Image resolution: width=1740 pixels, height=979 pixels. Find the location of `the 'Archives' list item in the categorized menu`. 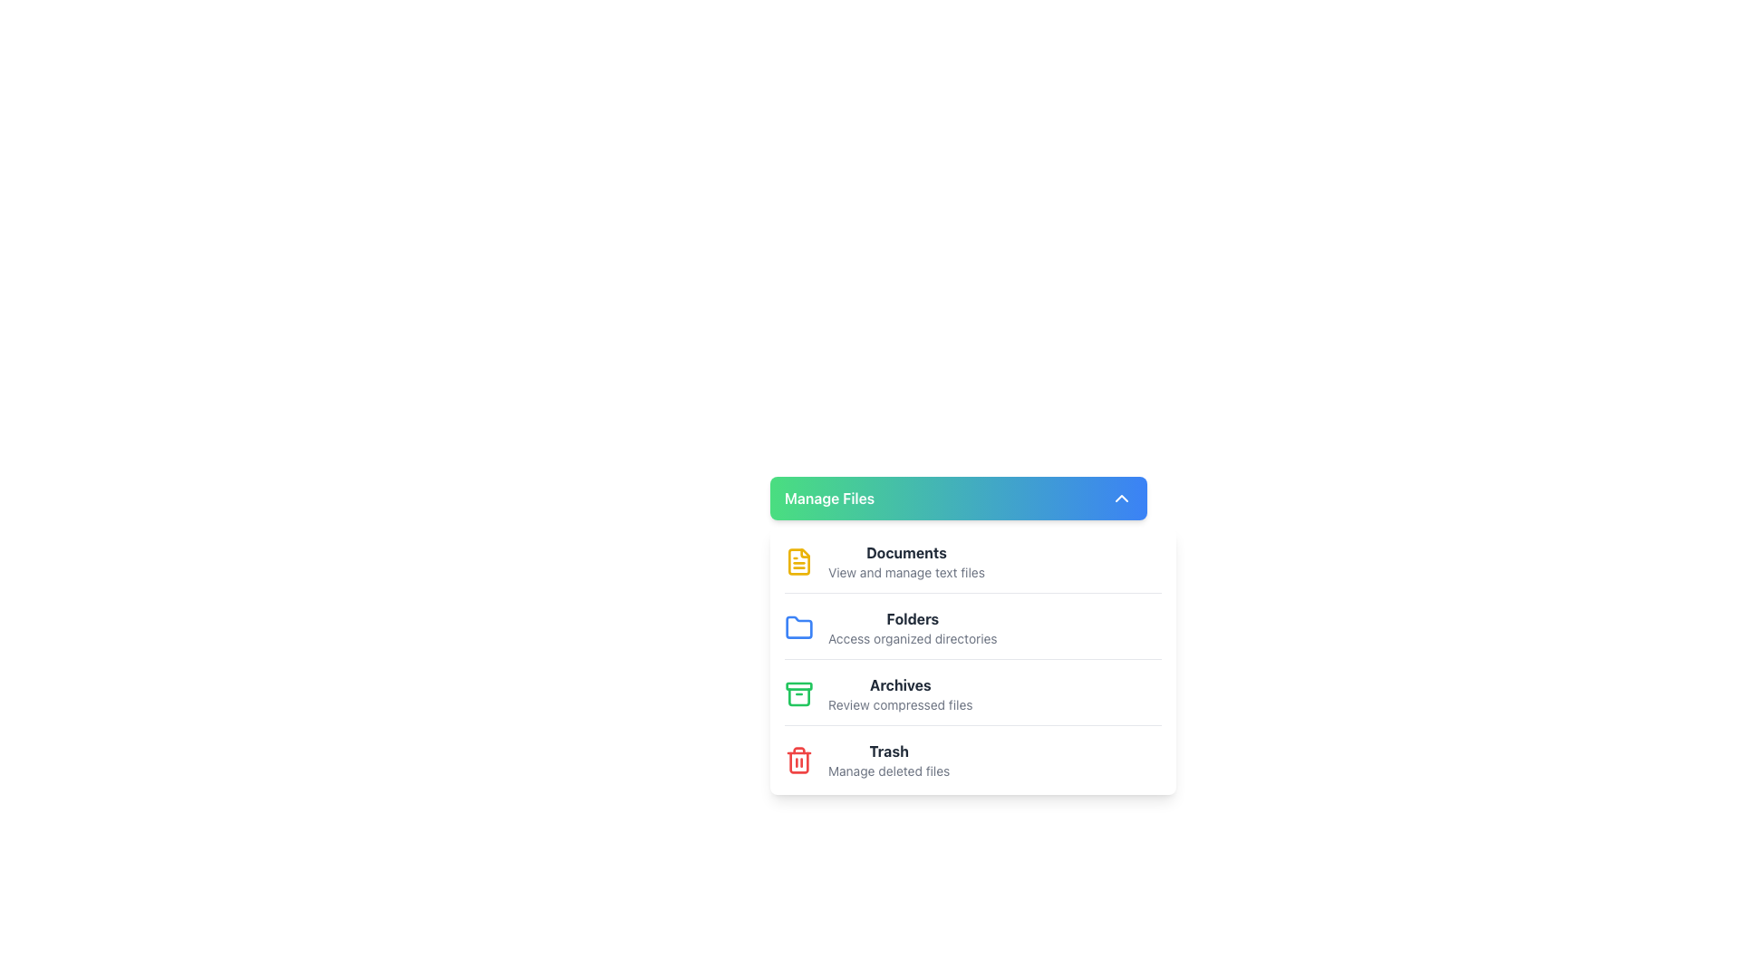

the 'Archives' list item in the categorized menu is located at coordinates (972, 699).